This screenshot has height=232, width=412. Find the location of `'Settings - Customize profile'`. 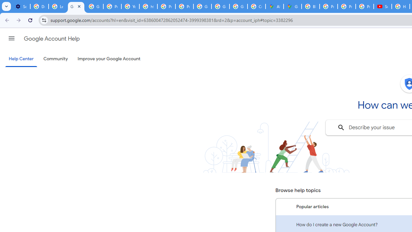

'Settings - Customize profile' is located at coordinates (21, 6).